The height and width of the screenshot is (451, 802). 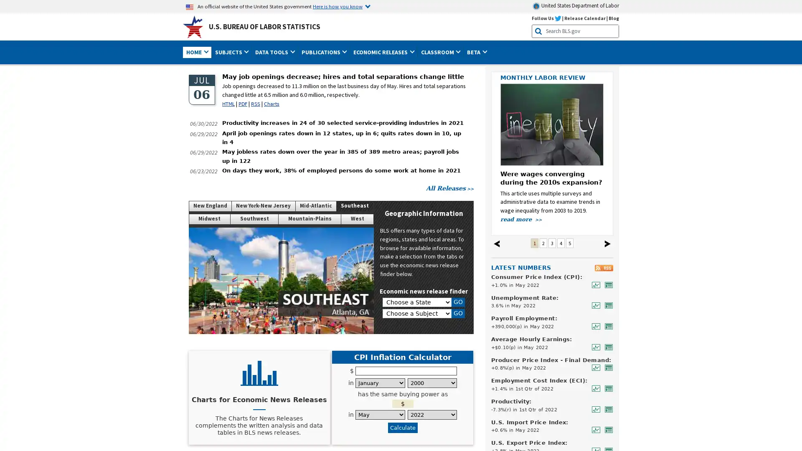 What do you see at coordinates (458, 313) in the screenshot?
I see `GO` at bounding box center [458, 313].